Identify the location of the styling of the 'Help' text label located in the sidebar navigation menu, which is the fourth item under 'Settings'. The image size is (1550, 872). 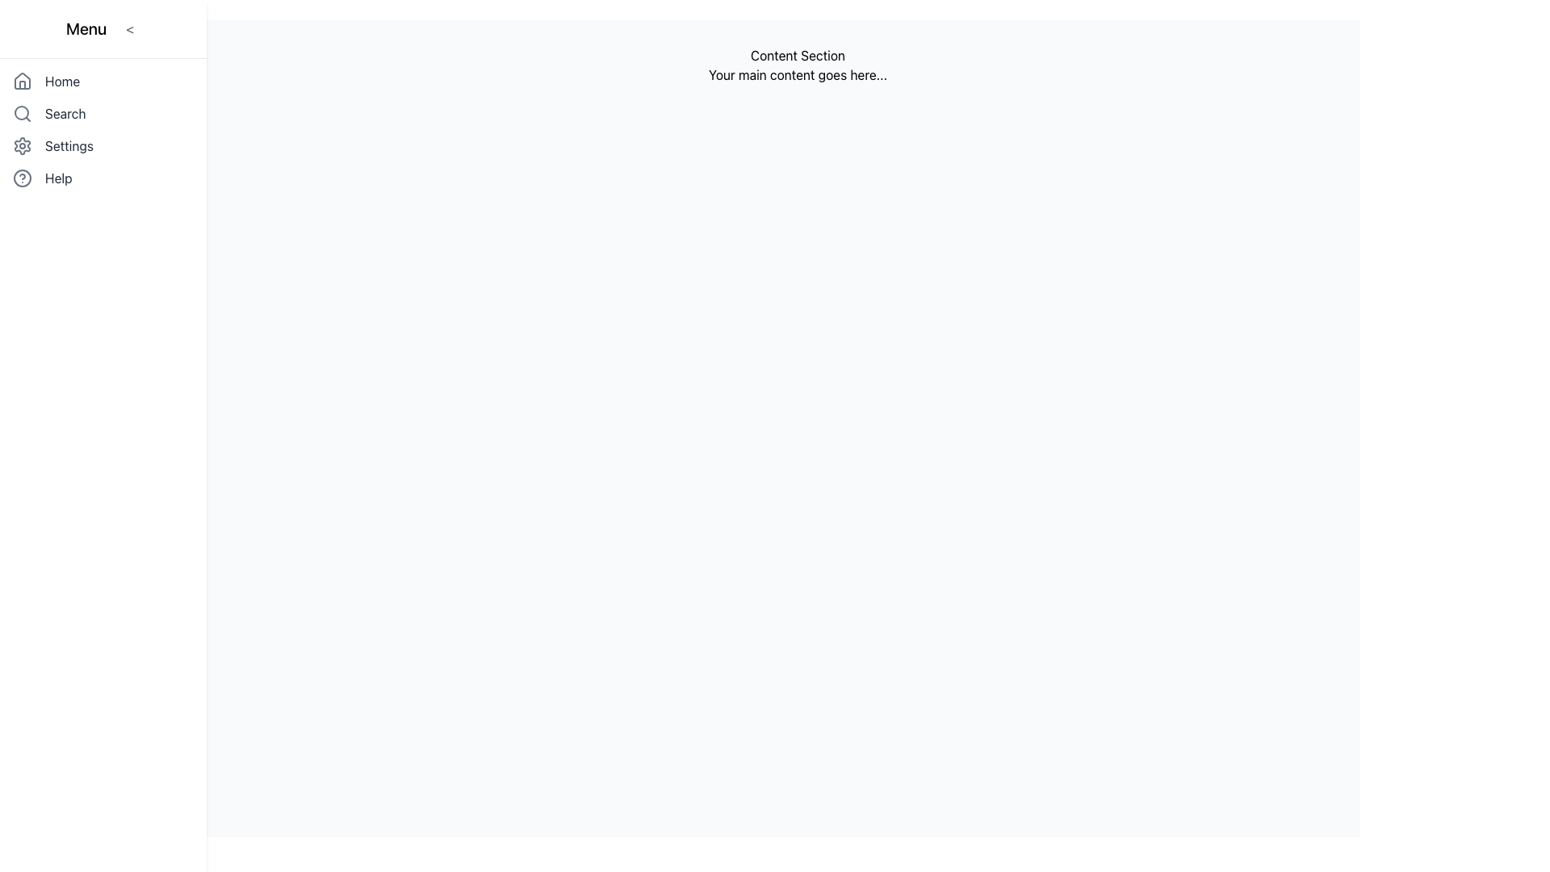
(58, 178).